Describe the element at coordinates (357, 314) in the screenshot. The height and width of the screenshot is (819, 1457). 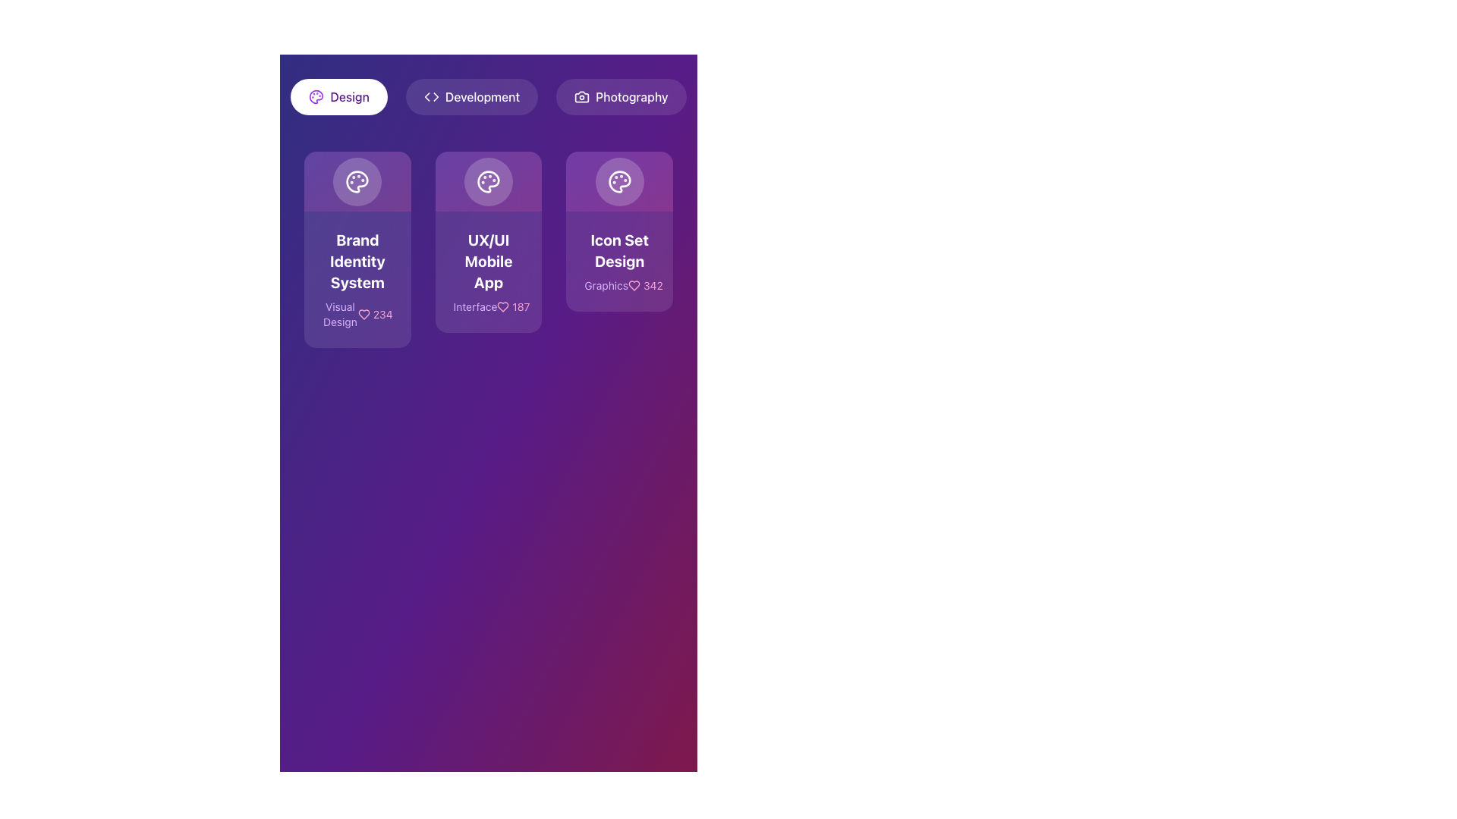
I see `text '234' associated with the 'Visual Design' display in the 'Brand Identity System' card located in the first column of the card layout` at that location.